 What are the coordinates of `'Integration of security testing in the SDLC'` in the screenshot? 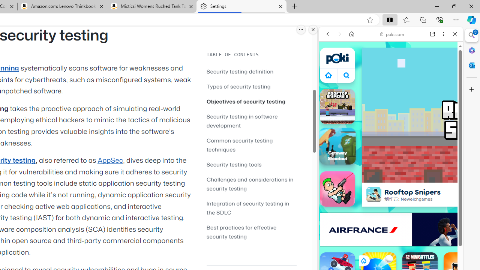 It's located at (248, 208).